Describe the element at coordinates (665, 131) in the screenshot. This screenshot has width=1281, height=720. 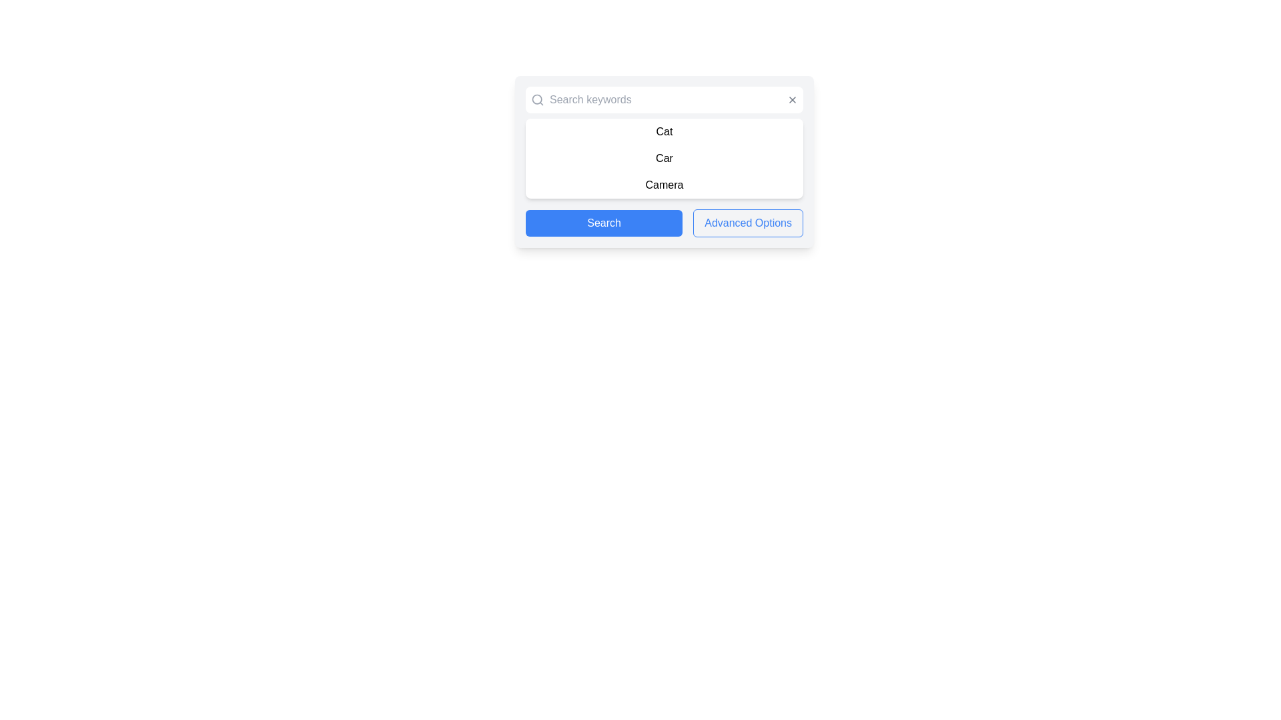
I see `the selectable list item labeled 'Cat'` at that location.